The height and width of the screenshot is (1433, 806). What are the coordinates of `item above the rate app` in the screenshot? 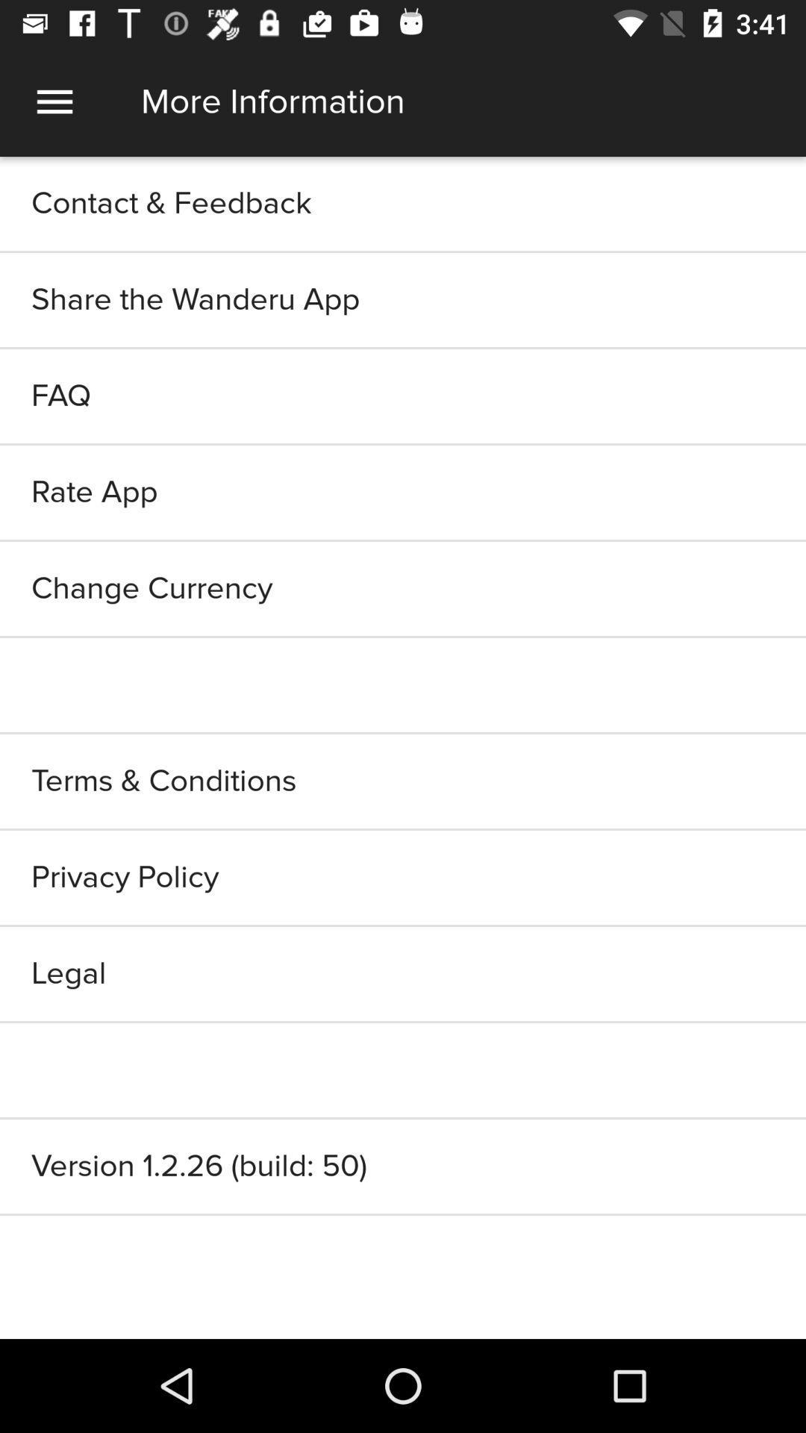 It's located at (403, 396).